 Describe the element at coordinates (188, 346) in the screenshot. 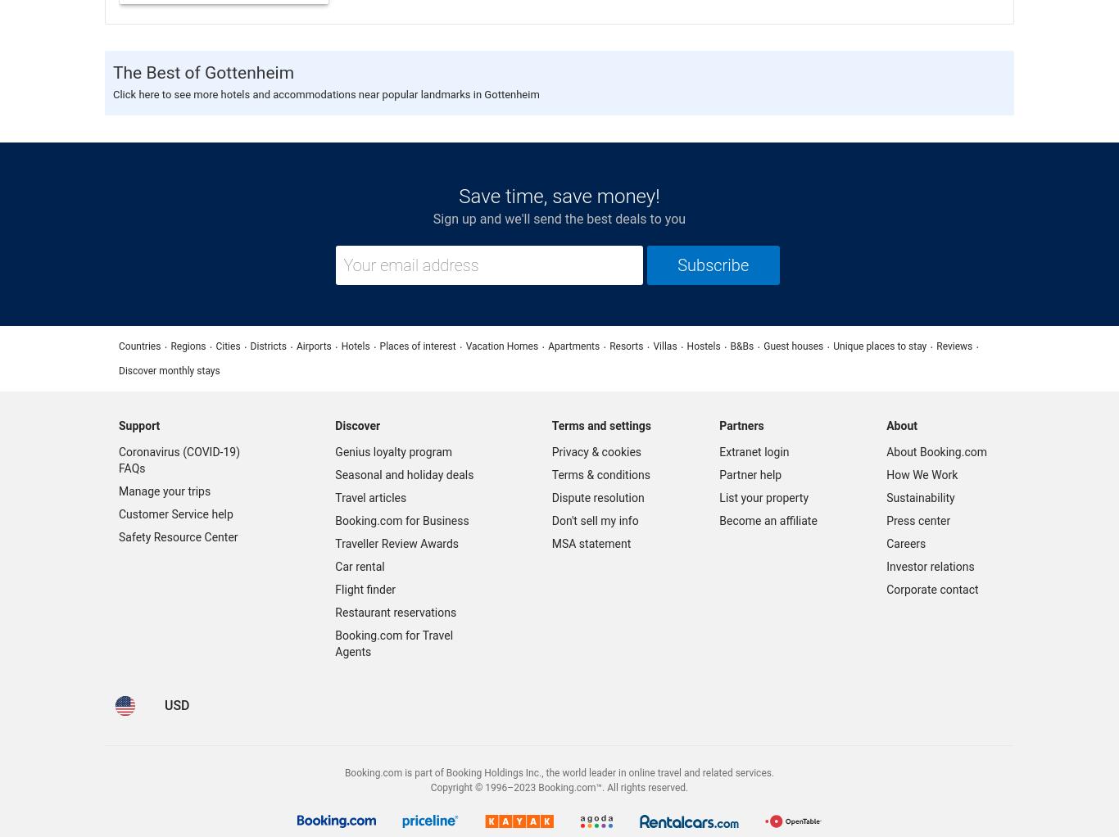

I see `'Regions'` at that location.